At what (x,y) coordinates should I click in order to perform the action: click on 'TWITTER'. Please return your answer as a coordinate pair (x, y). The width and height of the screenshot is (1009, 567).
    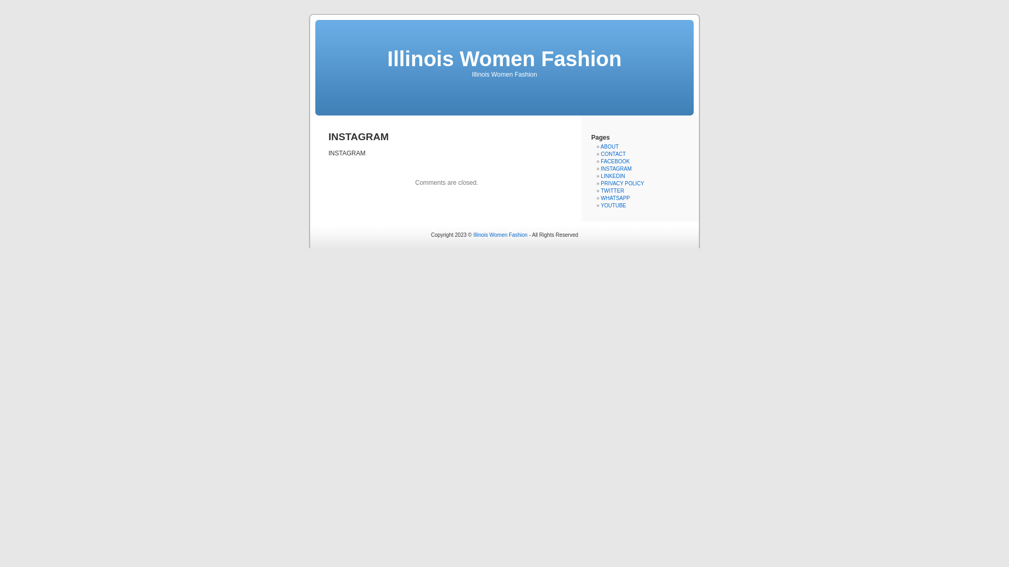
    Looking at the image, I should click on (612, 191).